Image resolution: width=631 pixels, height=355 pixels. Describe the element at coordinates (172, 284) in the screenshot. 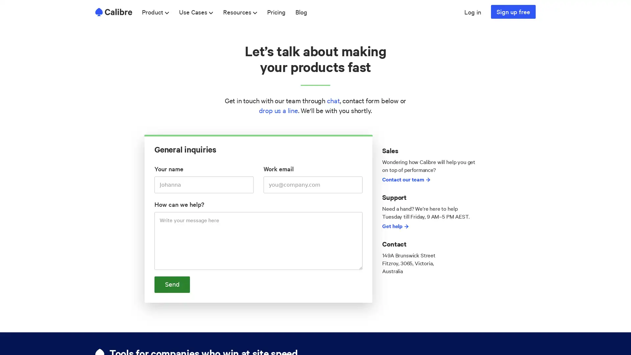

I see `Send` at that location.